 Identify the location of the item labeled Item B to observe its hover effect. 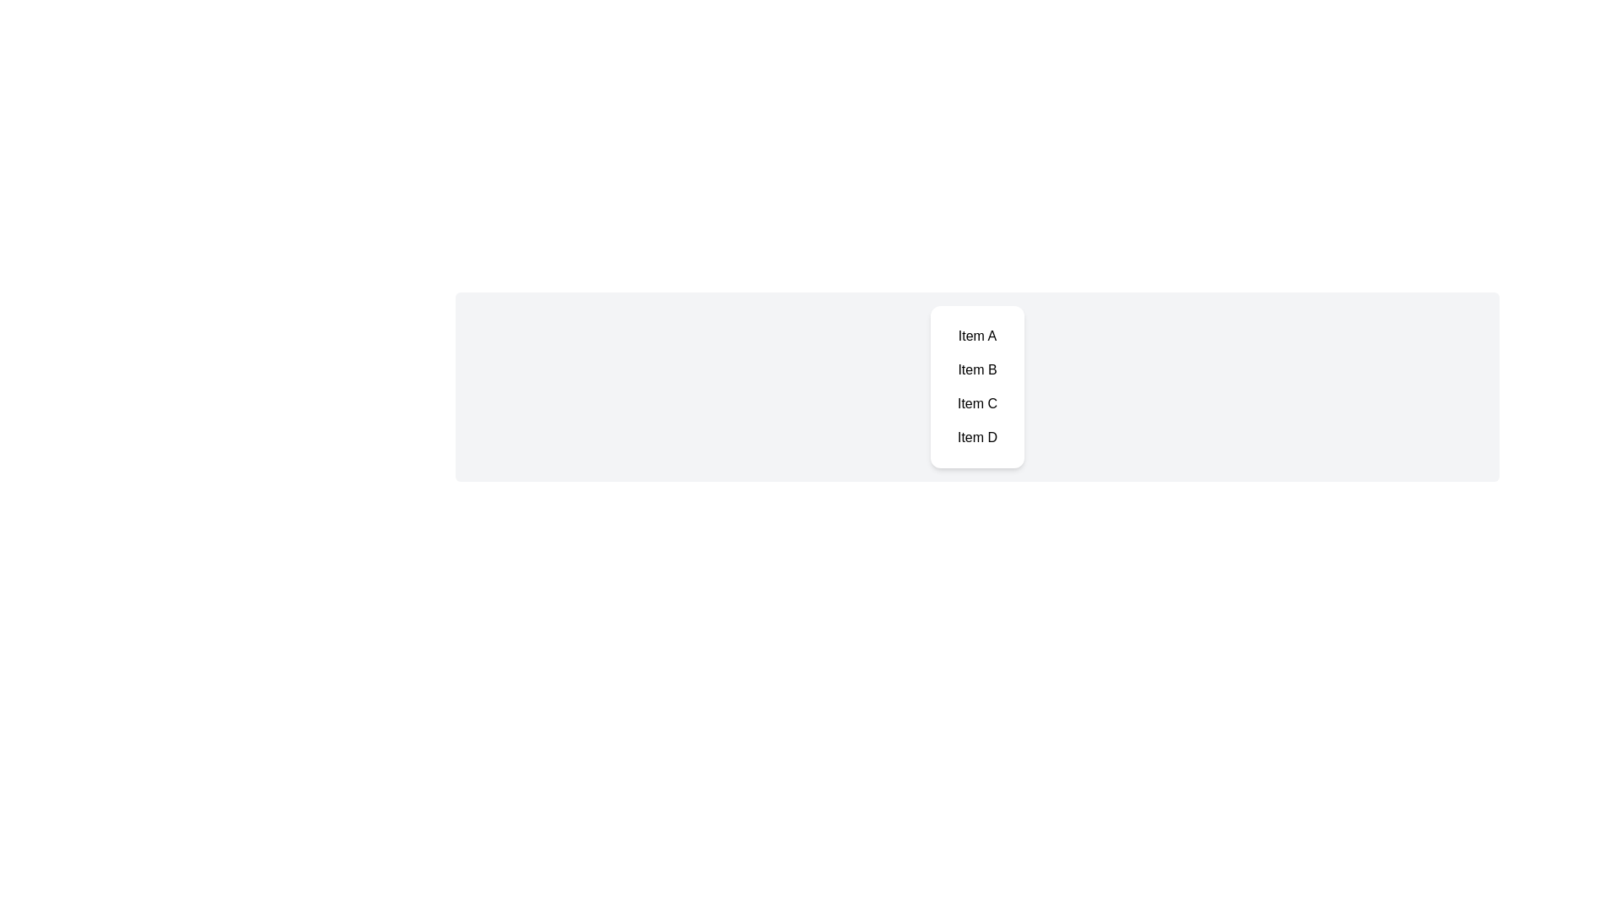
(977, 369).